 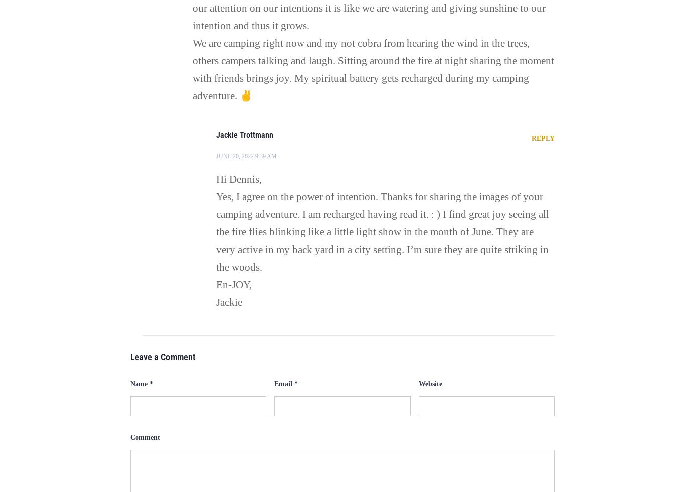 What do you see at coordinates (139, 383) in the screenshot?
I see `'Name'` at bounding box center [139, 383].